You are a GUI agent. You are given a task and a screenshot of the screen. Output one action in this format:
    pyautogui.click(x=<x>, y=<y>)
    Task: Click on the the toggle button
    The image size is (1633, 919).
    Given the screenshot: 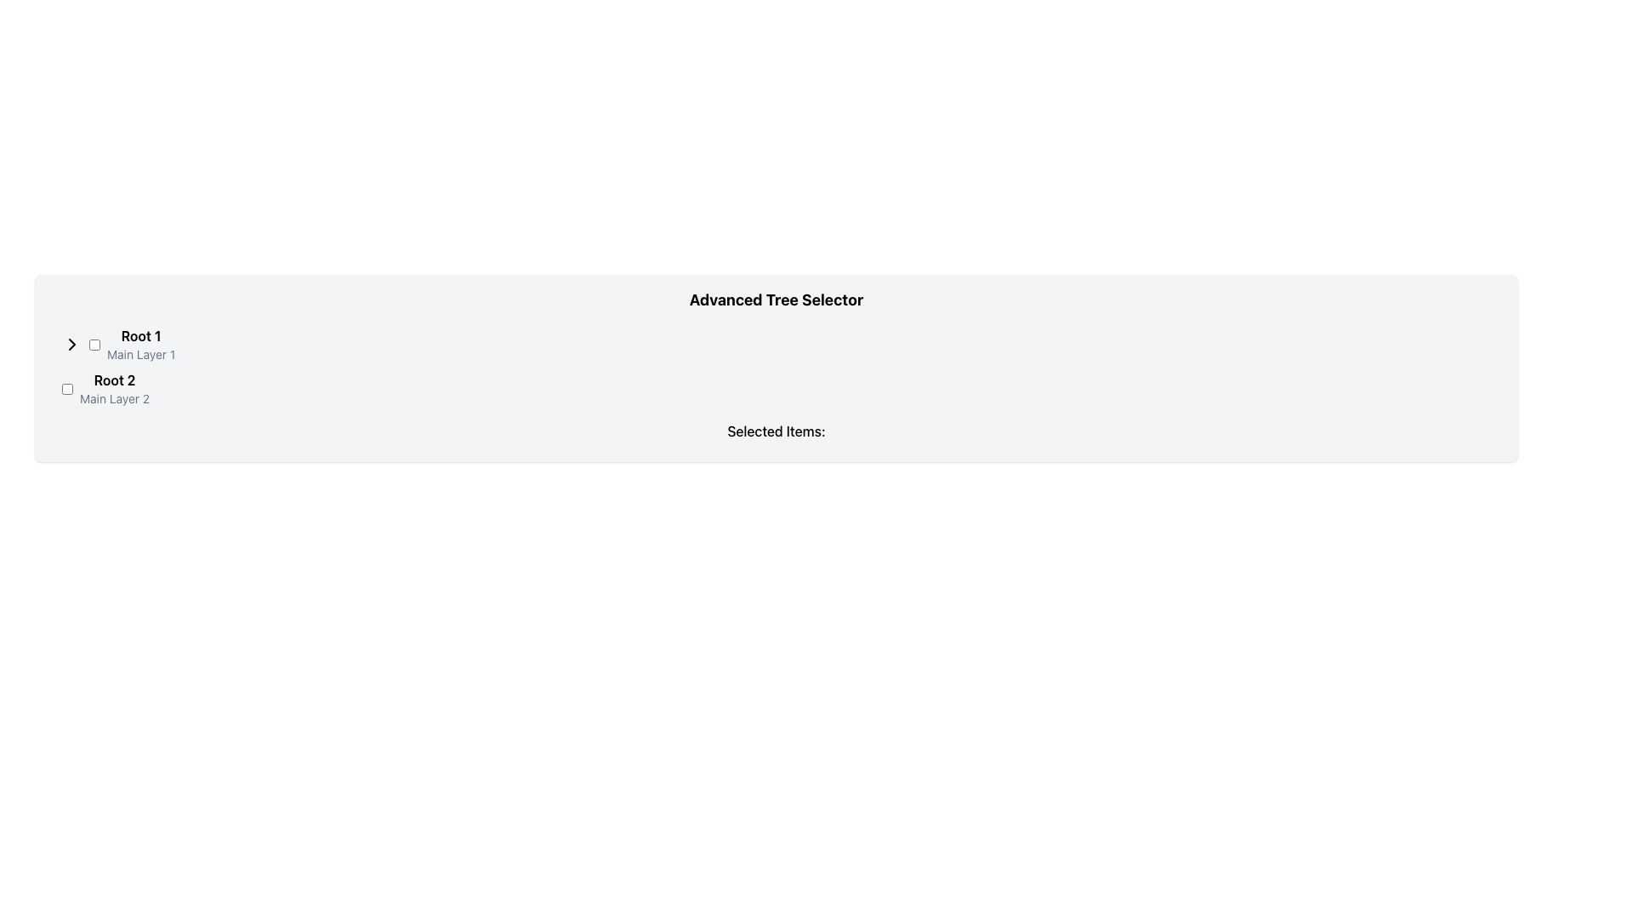 What is the action you would take?
    pyautogui.click(x=71, y=345)
    